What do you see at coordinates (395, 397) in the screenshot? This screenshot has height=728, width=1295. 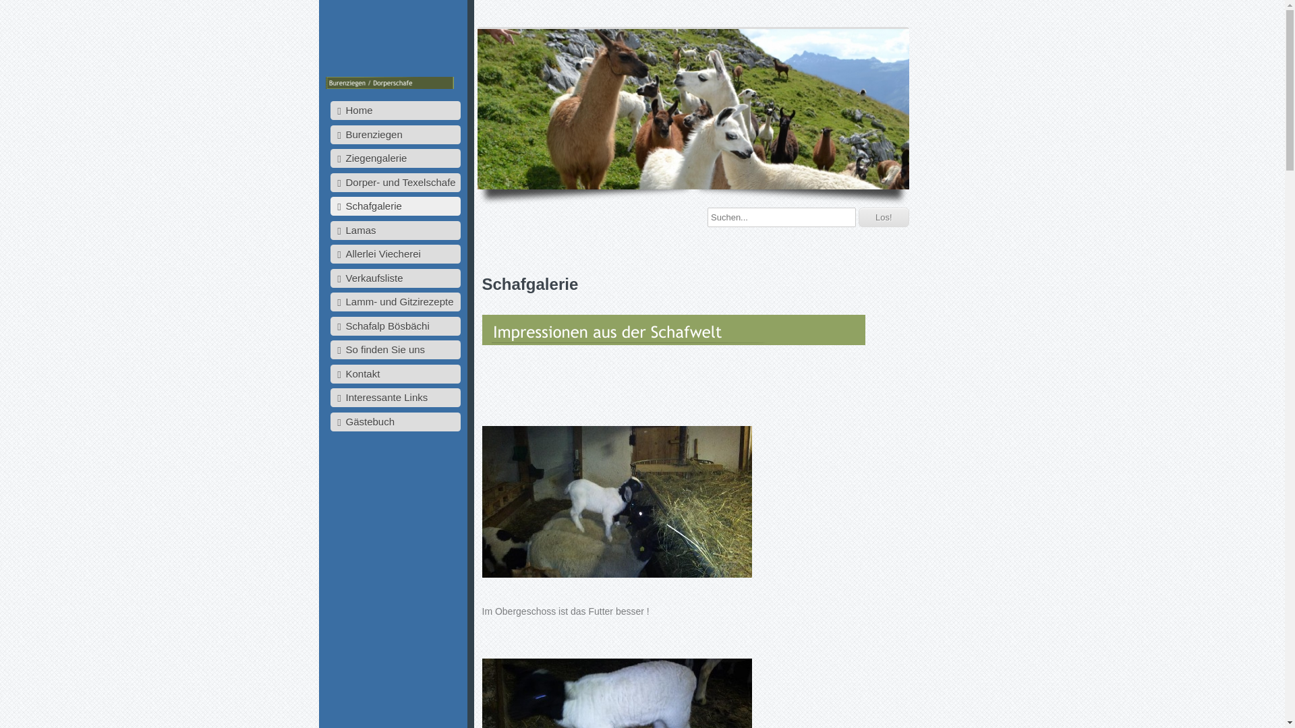 I see `'Interessante Links'` at bounding box center [395, 397].